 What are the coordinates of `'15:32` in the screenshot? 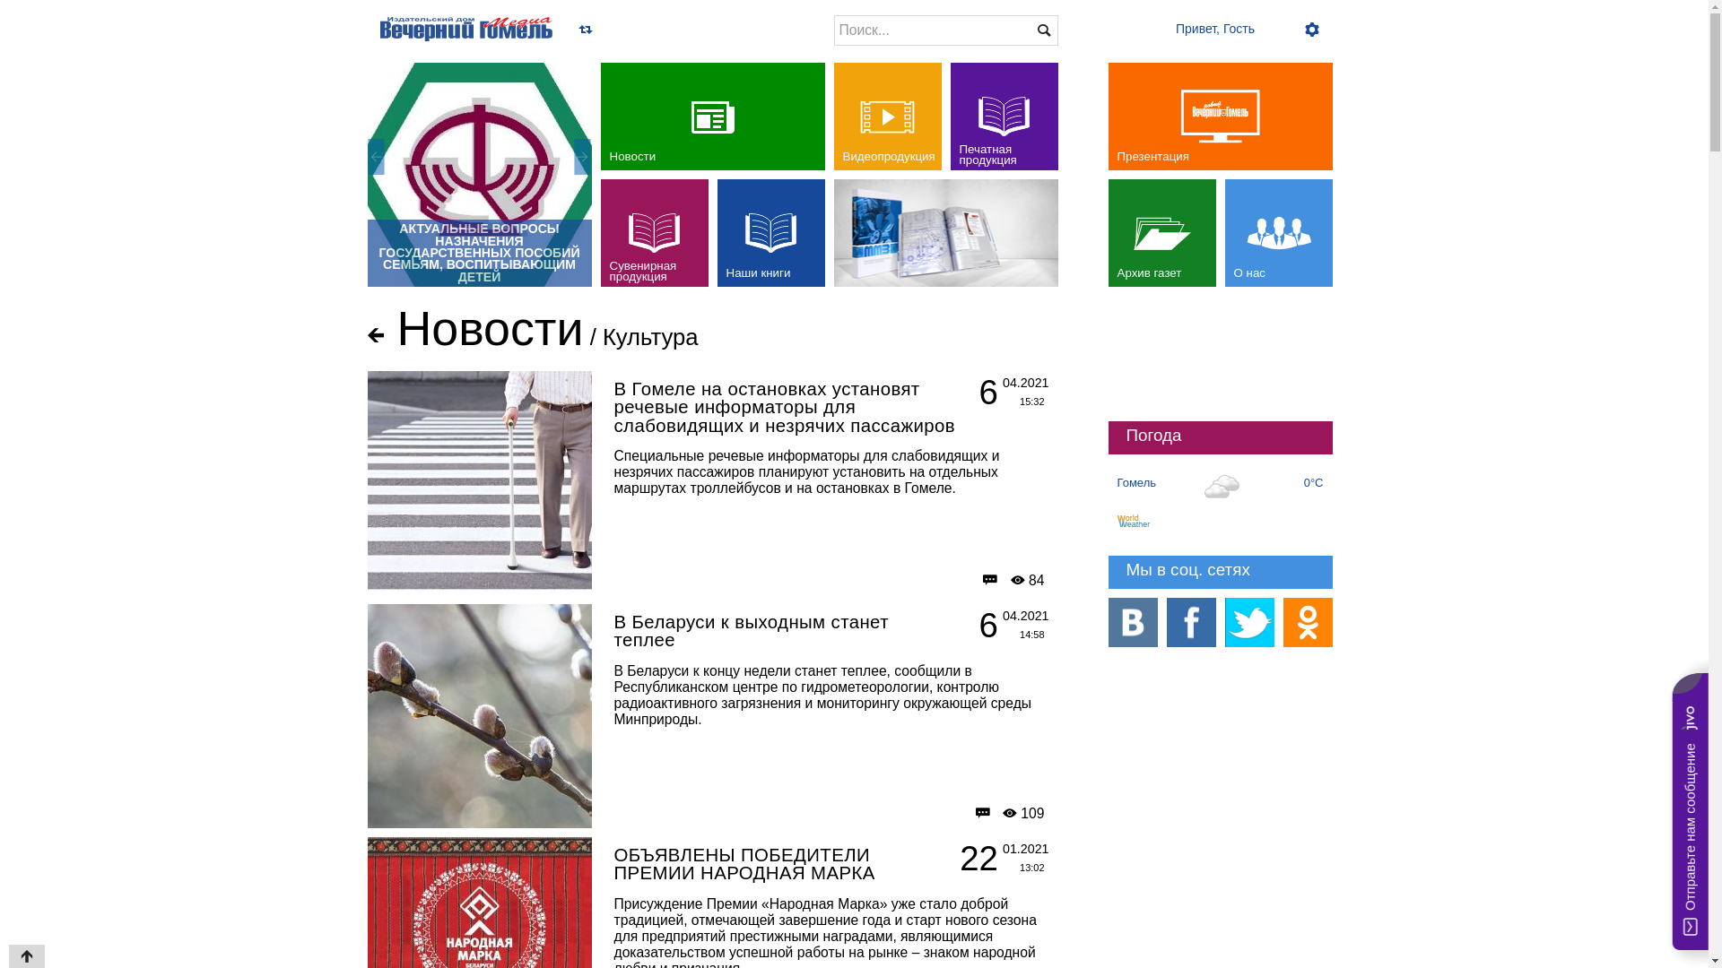 It's located at (994, 393).